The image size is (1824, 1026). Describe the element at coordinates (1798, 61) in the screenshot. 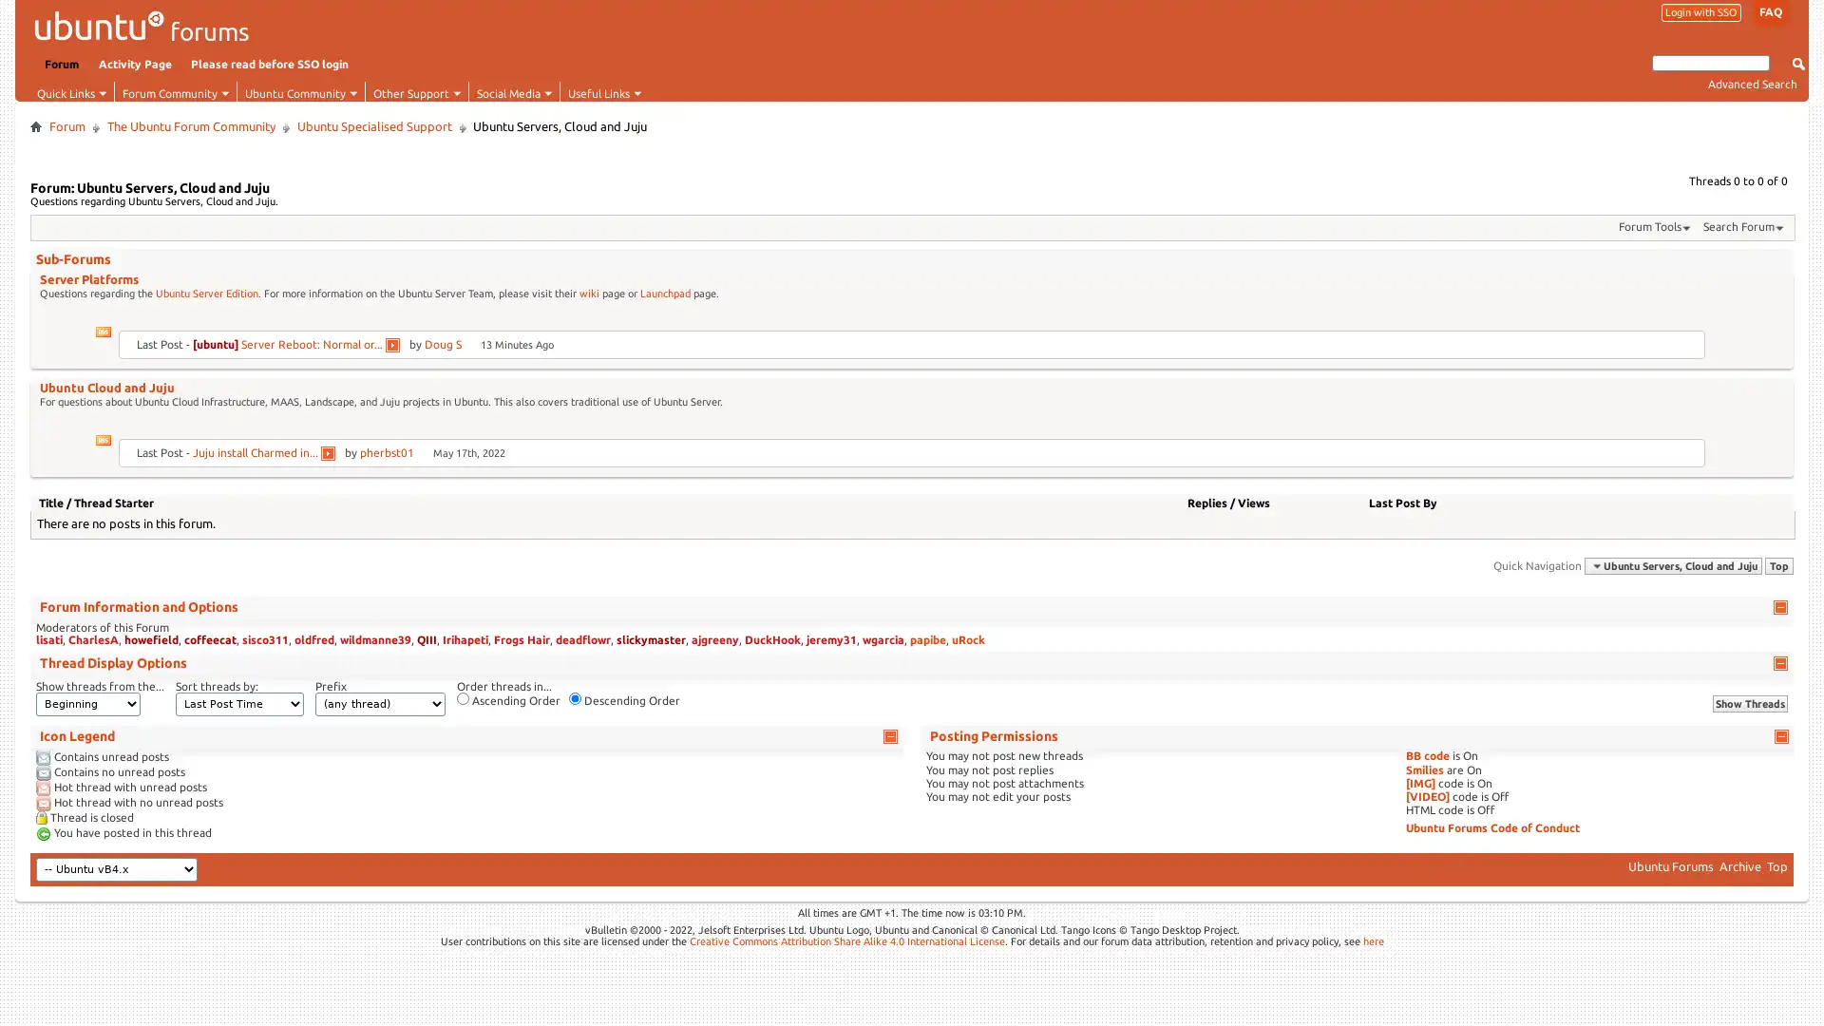

I see `Submit` at that location.